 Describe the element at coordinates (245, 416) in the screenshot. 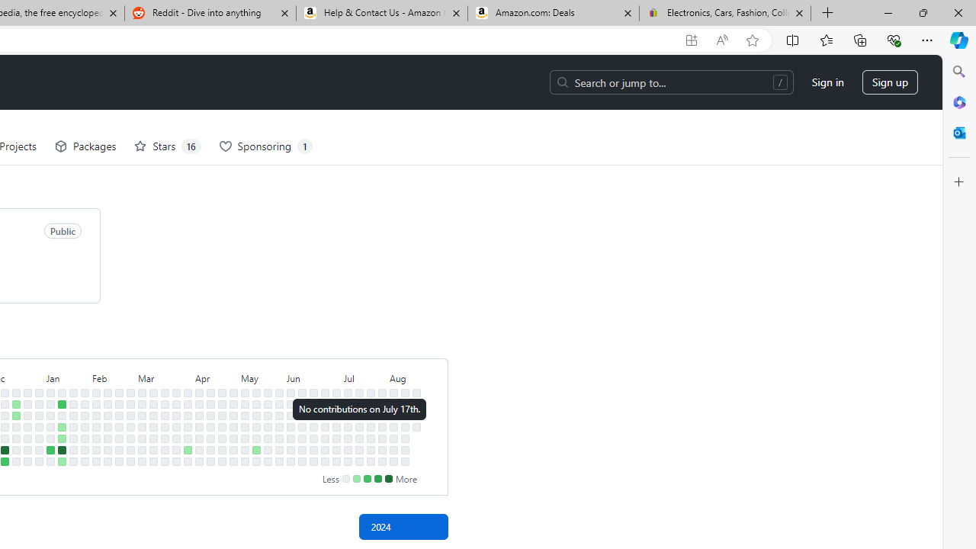

I see `'No contributions on May 7th.'` at that location.